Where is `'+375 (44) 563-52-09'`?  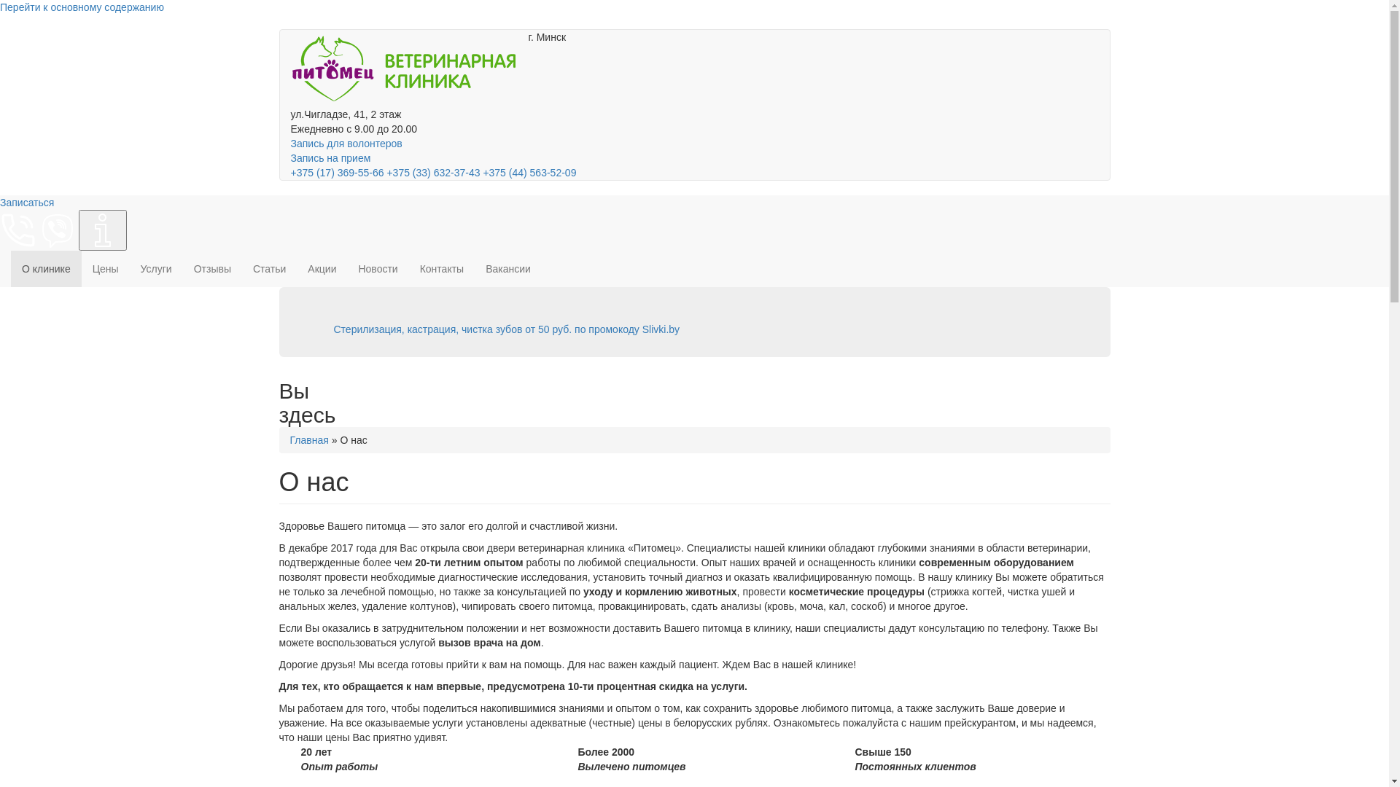
'+375 (44) 563-52-09' is located at coordinates (528, 171).